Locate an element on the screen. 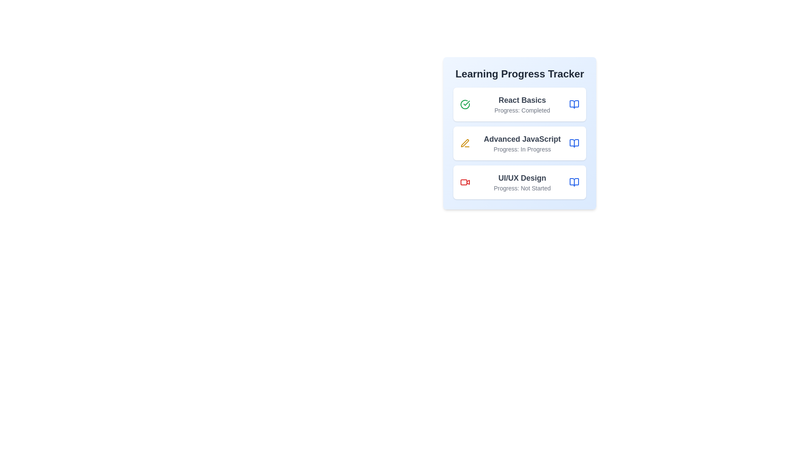  the book icon for the course UI/UX Design to explore its resources is located at coordinates (574, 182).